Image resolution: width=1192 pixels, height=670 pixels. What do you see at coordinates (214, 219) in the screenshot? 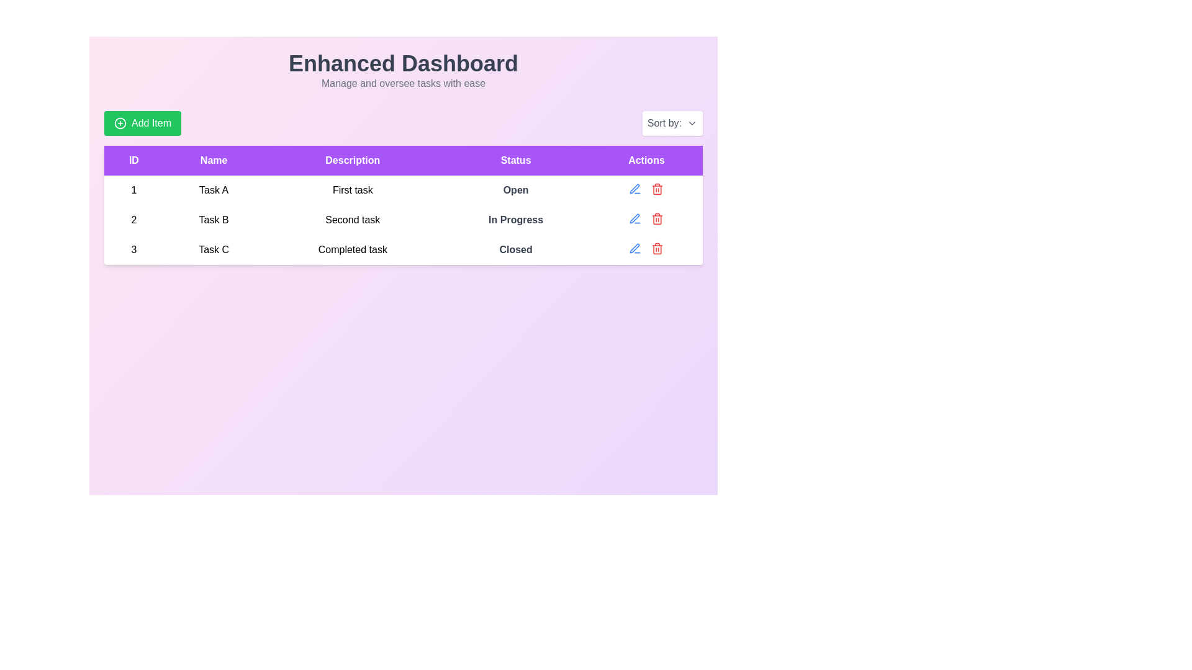
I see `the Text component representing the name of the task in the second row of the task management table under the 'Name' column, which is located between 'Task A' and 'Task C'` at bounding box center [214, 219].